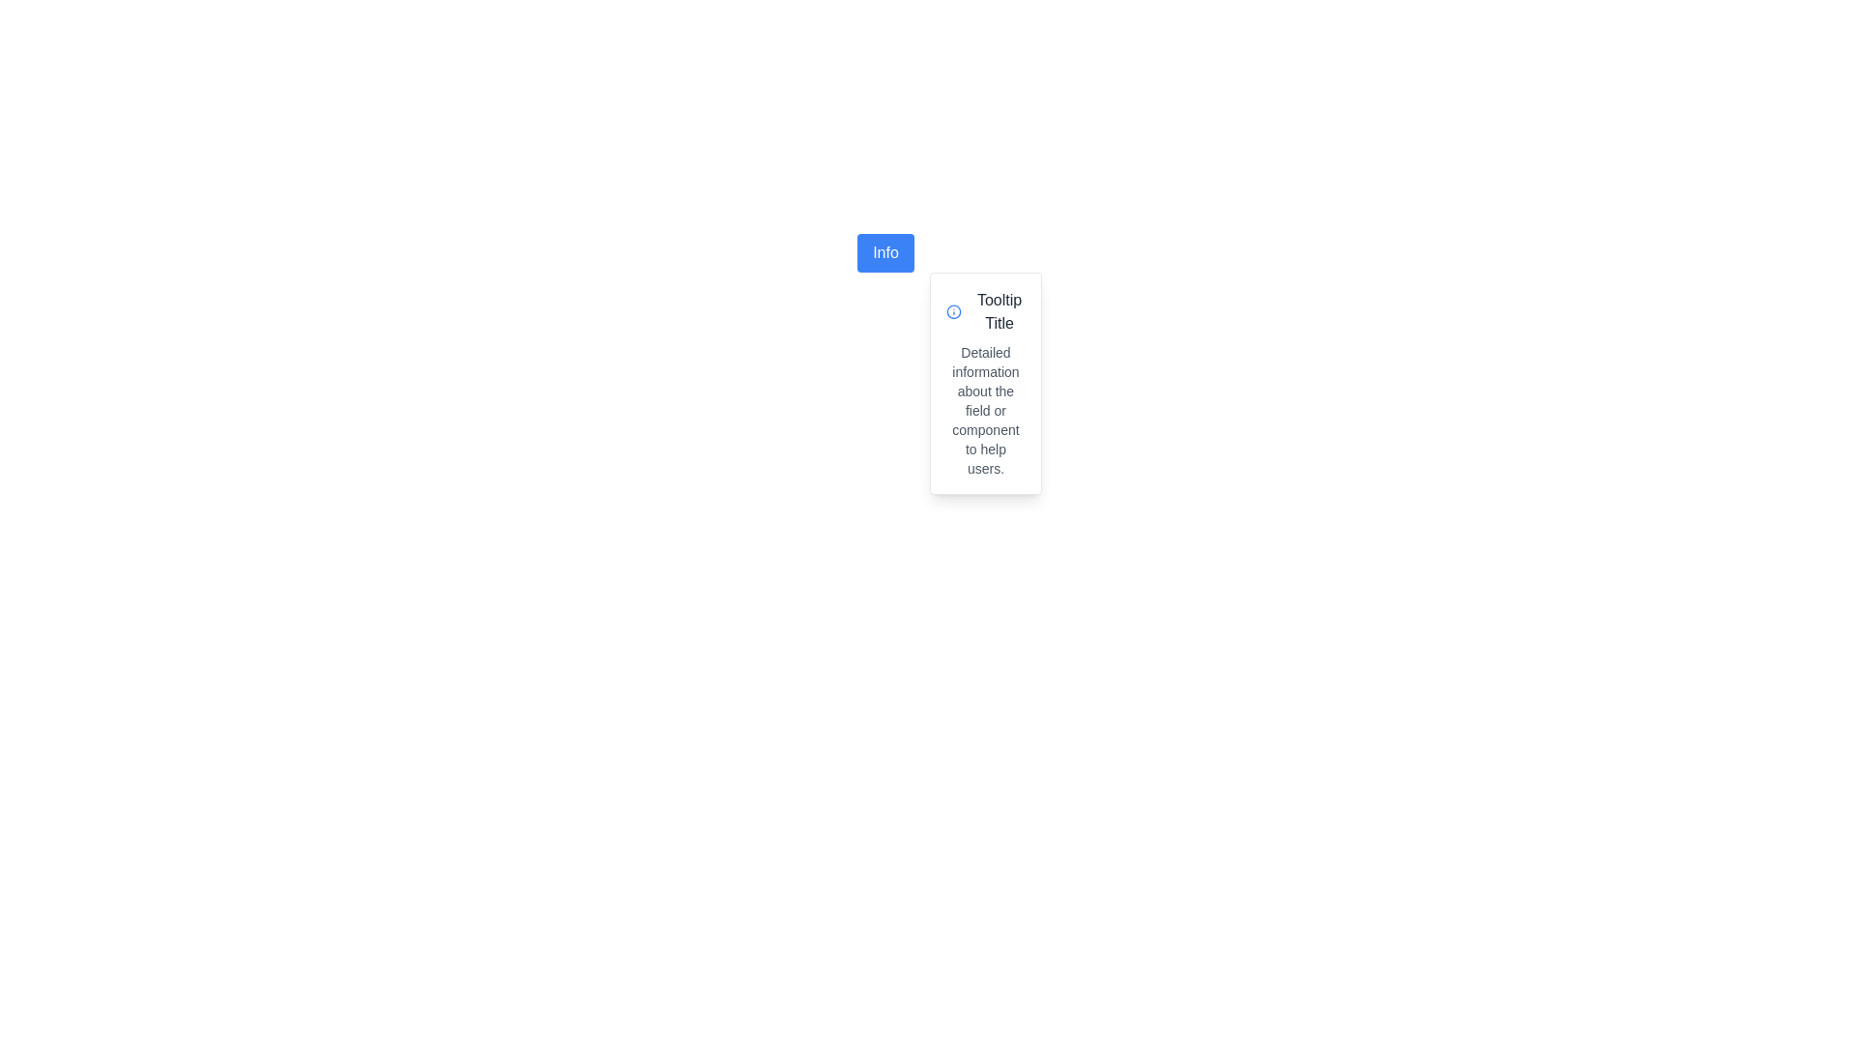 This screenshot has width=1856, height=1044. Describe the element at coordinates (985, 409) in the screenshot. I see `the guidance content text block located in the tooltip box, which is the second item under 'Tooltip Title' following the blue information icon` at that location.